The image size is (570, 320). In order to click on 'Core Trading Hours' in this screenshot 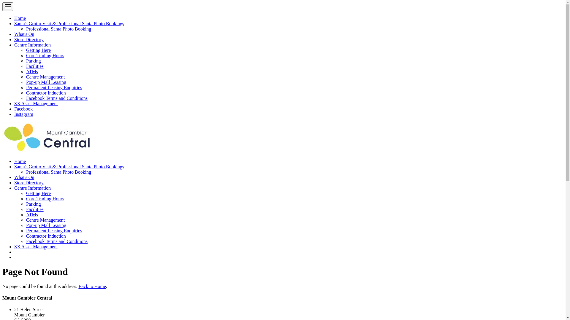, I will do `click(26, 199)`.